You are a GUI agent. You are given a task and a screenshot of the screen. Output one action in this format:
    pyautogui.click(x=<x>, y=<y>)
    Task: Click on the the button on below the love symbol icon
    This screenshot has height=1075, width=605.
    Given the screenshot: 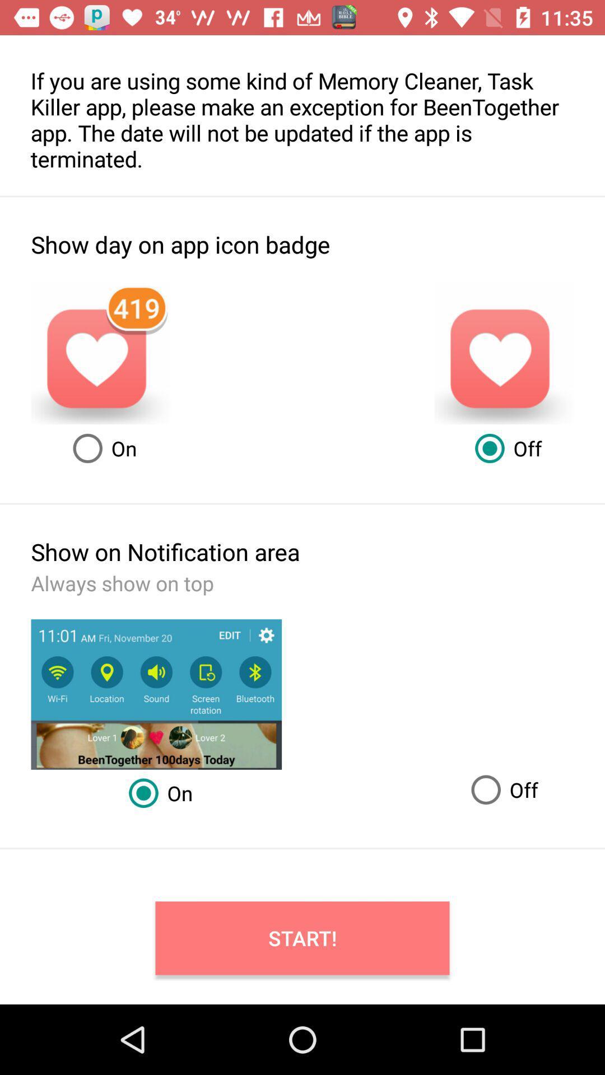 What is the action you would take?
    pyautogui.click(x=101, y=448)
    